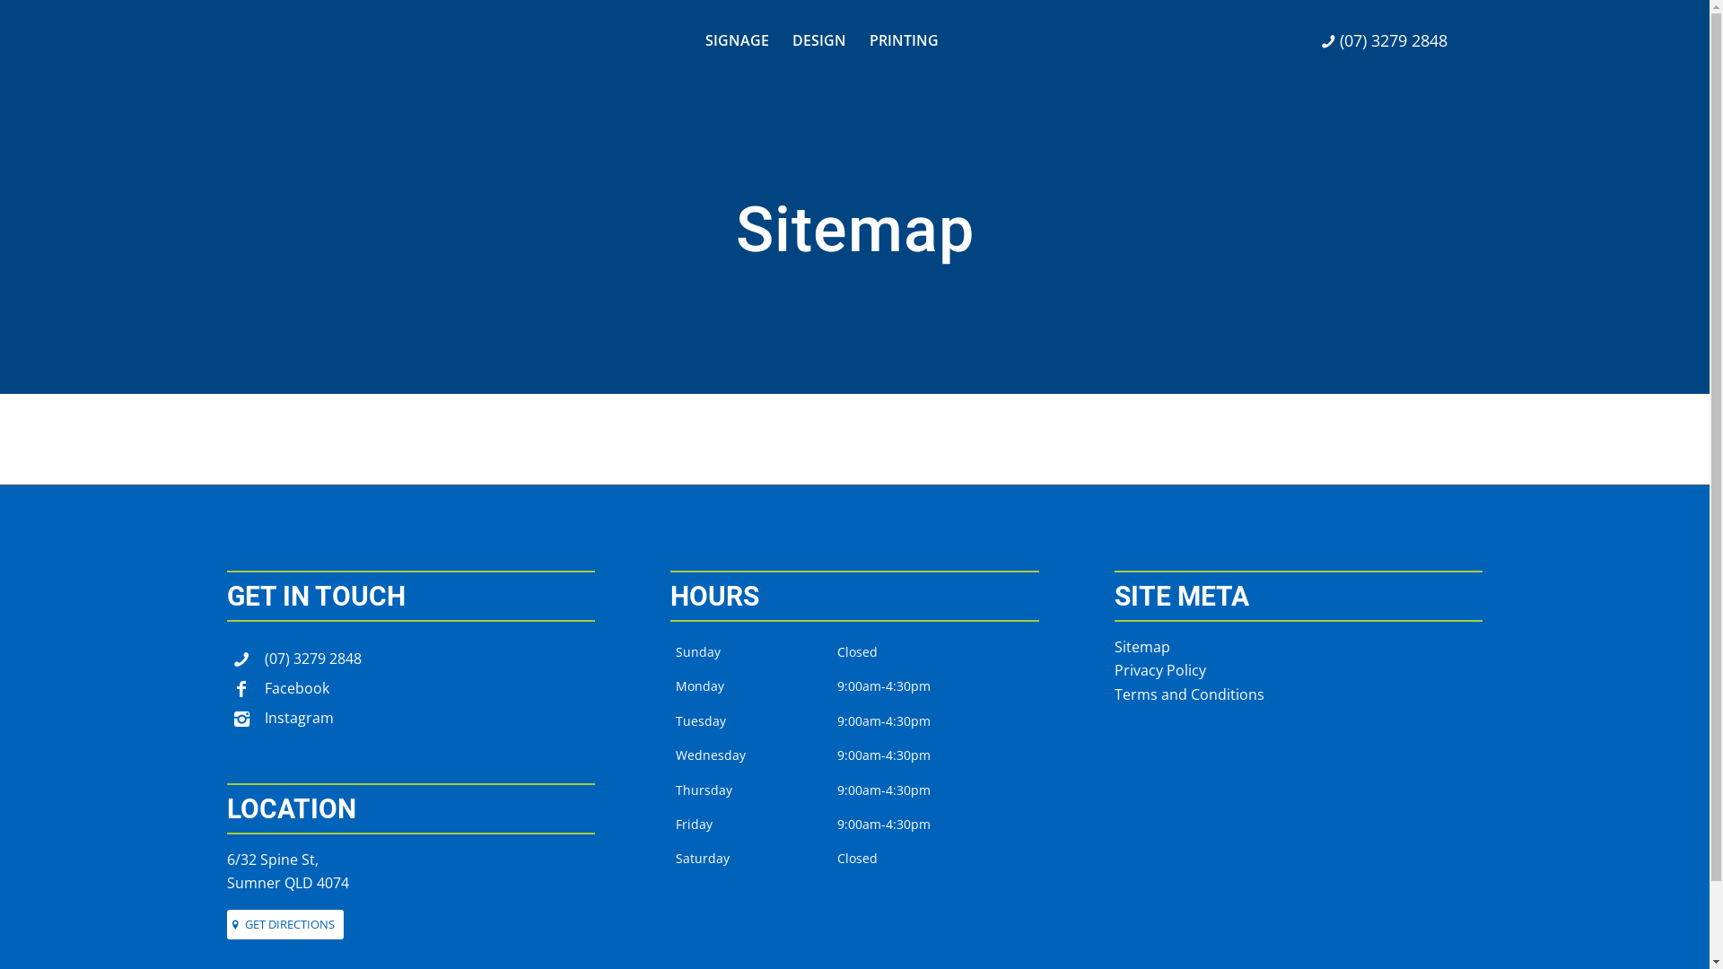  I want to click on 'Facebook', so click(240, 690).